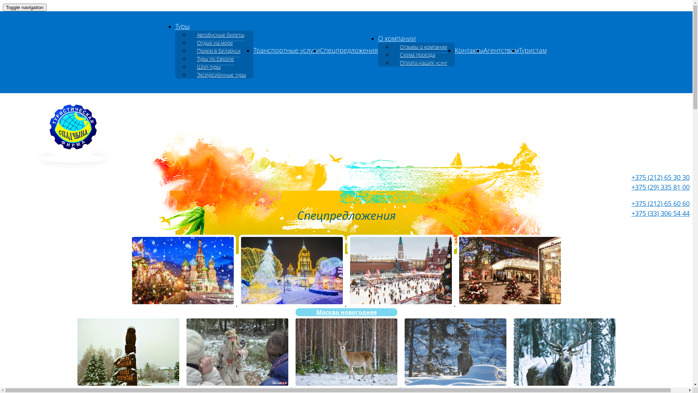 The image size is (698, 393). What do you see at coordinates (631, 186) in the screenshot?
I see `'+375 (29) 335 81 00'` at bounding box center [631, 186].